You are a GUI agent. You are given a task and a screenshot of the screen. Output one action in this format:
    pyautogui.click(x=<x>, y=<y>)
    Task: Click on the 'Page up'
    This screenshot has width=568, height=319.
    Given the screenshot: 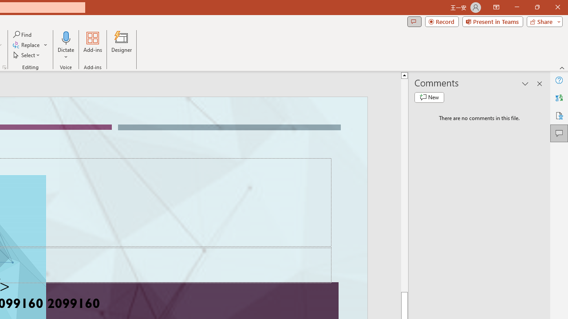 What is the action you would take?
    pyautogui.click(x=404, y=185)
    